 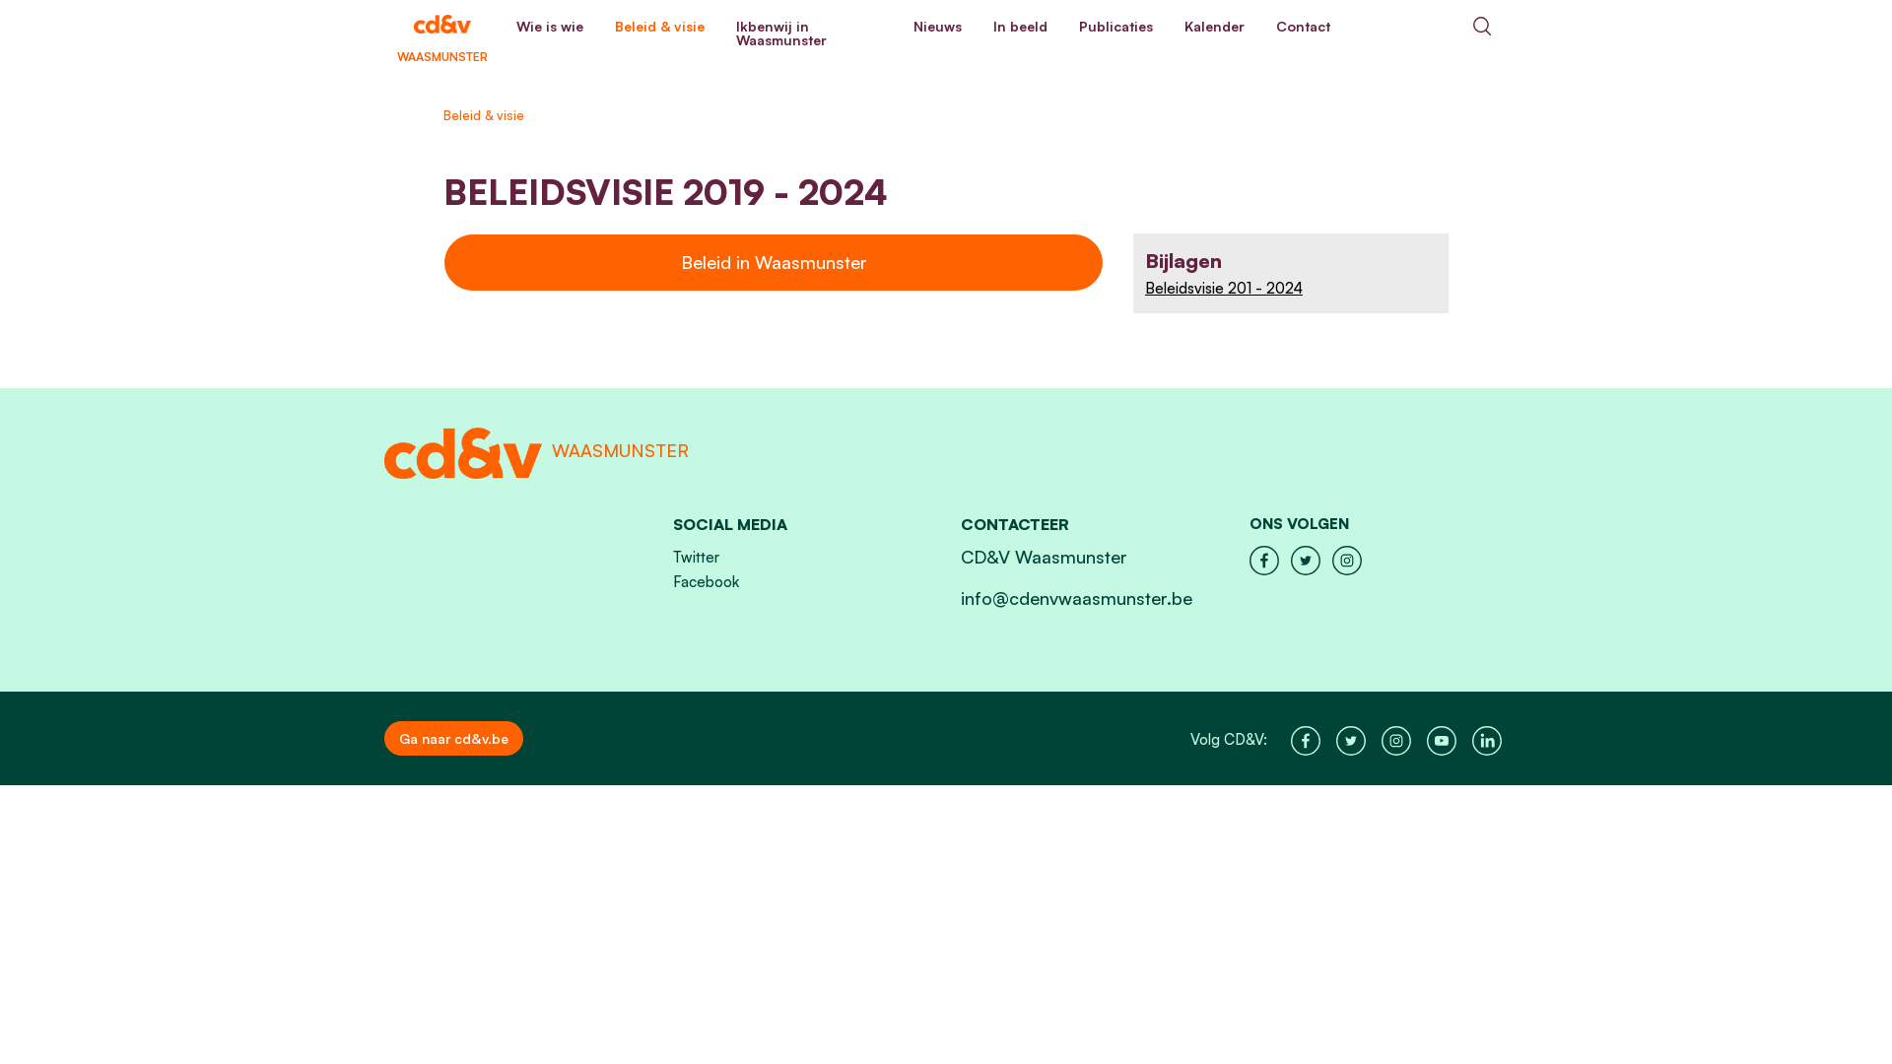 I want to click on 'Twitter', so click(x=695, y=557).